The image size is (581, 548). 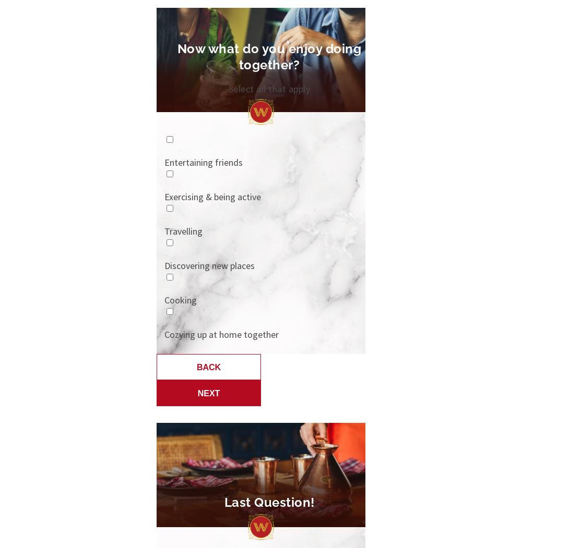 I want to click on 'Back', so click(x=208, y=367).